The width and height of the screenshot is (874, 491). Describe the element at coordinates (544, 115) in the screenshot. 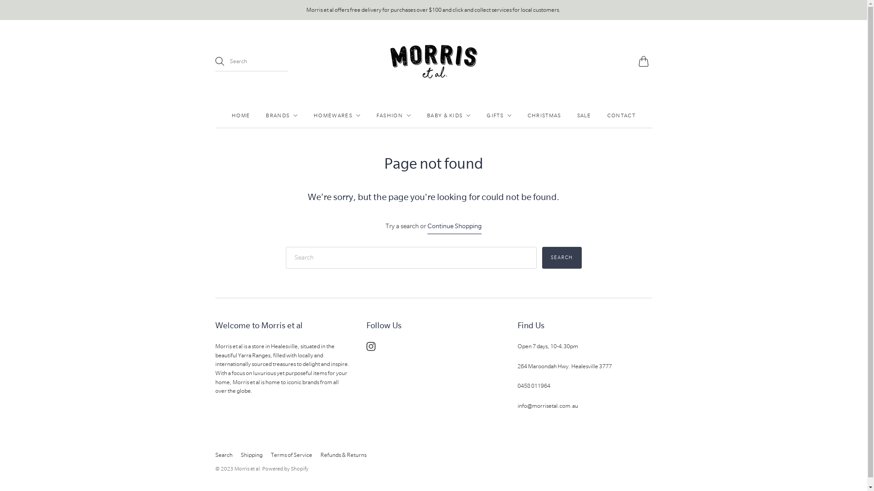

I see `'CHRISTMAS'` at that location.